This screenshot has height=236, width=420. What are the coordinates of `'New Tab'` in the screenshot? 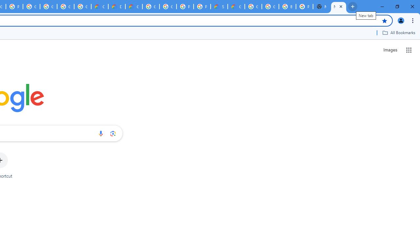 It's located at (339, 7).